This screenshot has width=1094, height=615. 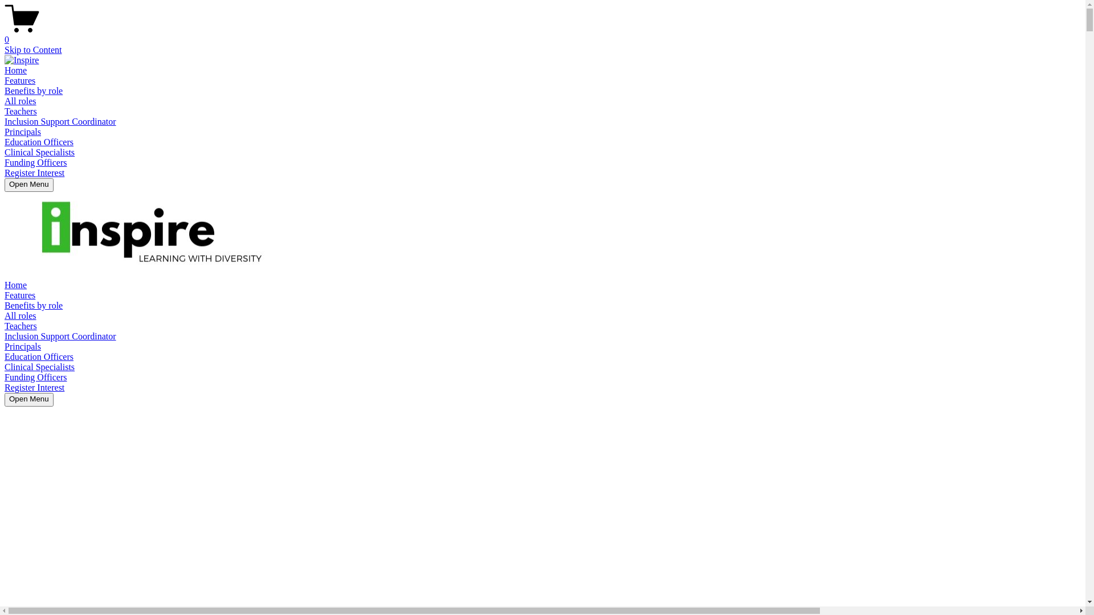 I want to click on 'All roles', so click(x=20, y=315).